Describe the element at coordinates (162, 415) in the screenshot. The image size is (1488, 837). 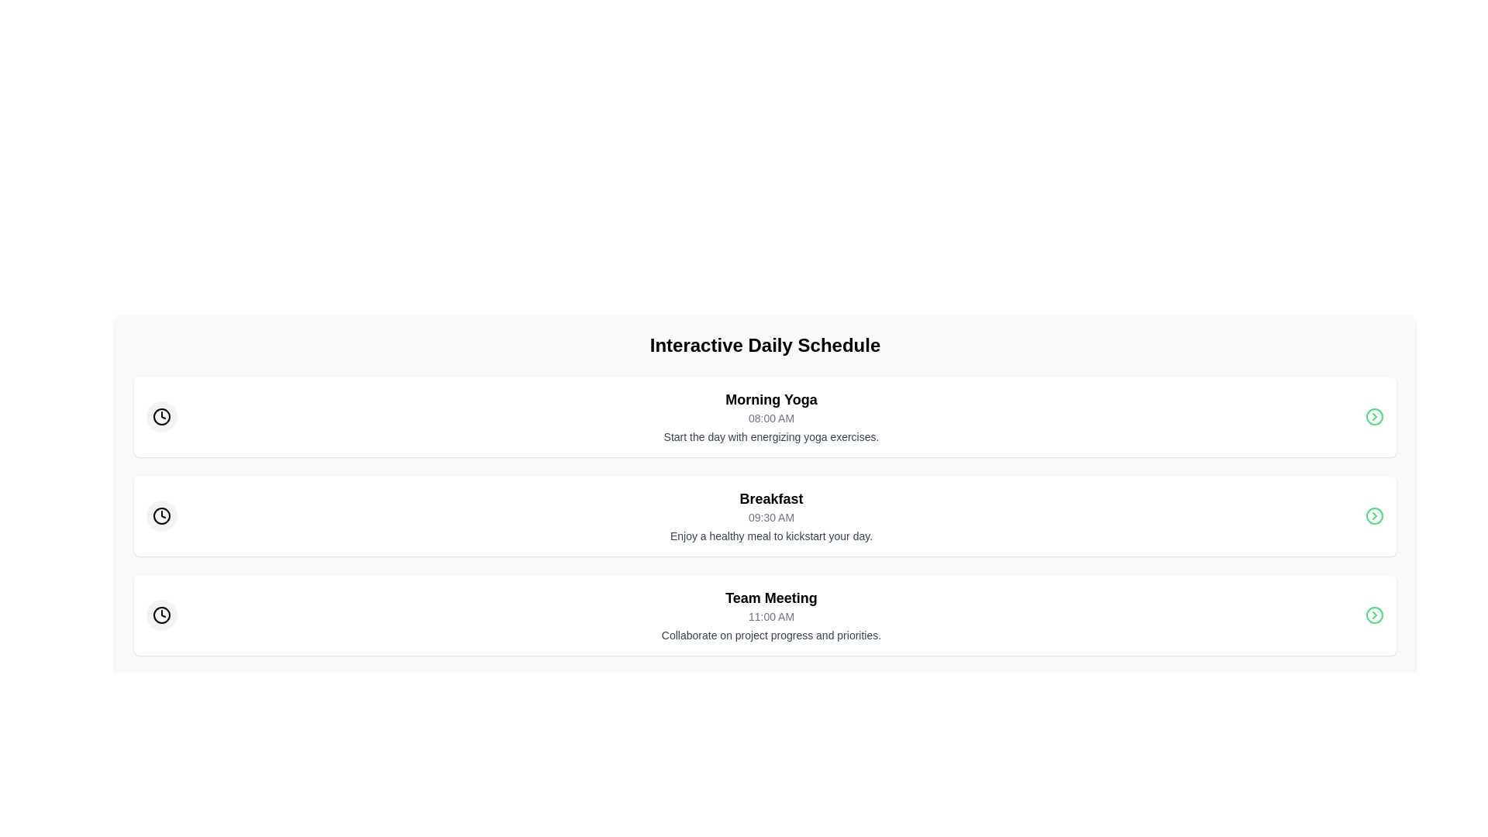
I see `the Clock icon located at the top left corner of the schedule interface, adjacent to the 'Morning Yoga' text` at that location.